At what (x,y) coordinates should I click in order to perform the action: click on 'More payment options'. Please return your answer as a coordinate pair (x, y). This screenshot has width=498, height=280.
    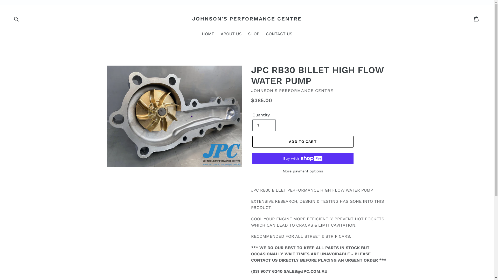
    Looking at the image, I should click on (302, 171).